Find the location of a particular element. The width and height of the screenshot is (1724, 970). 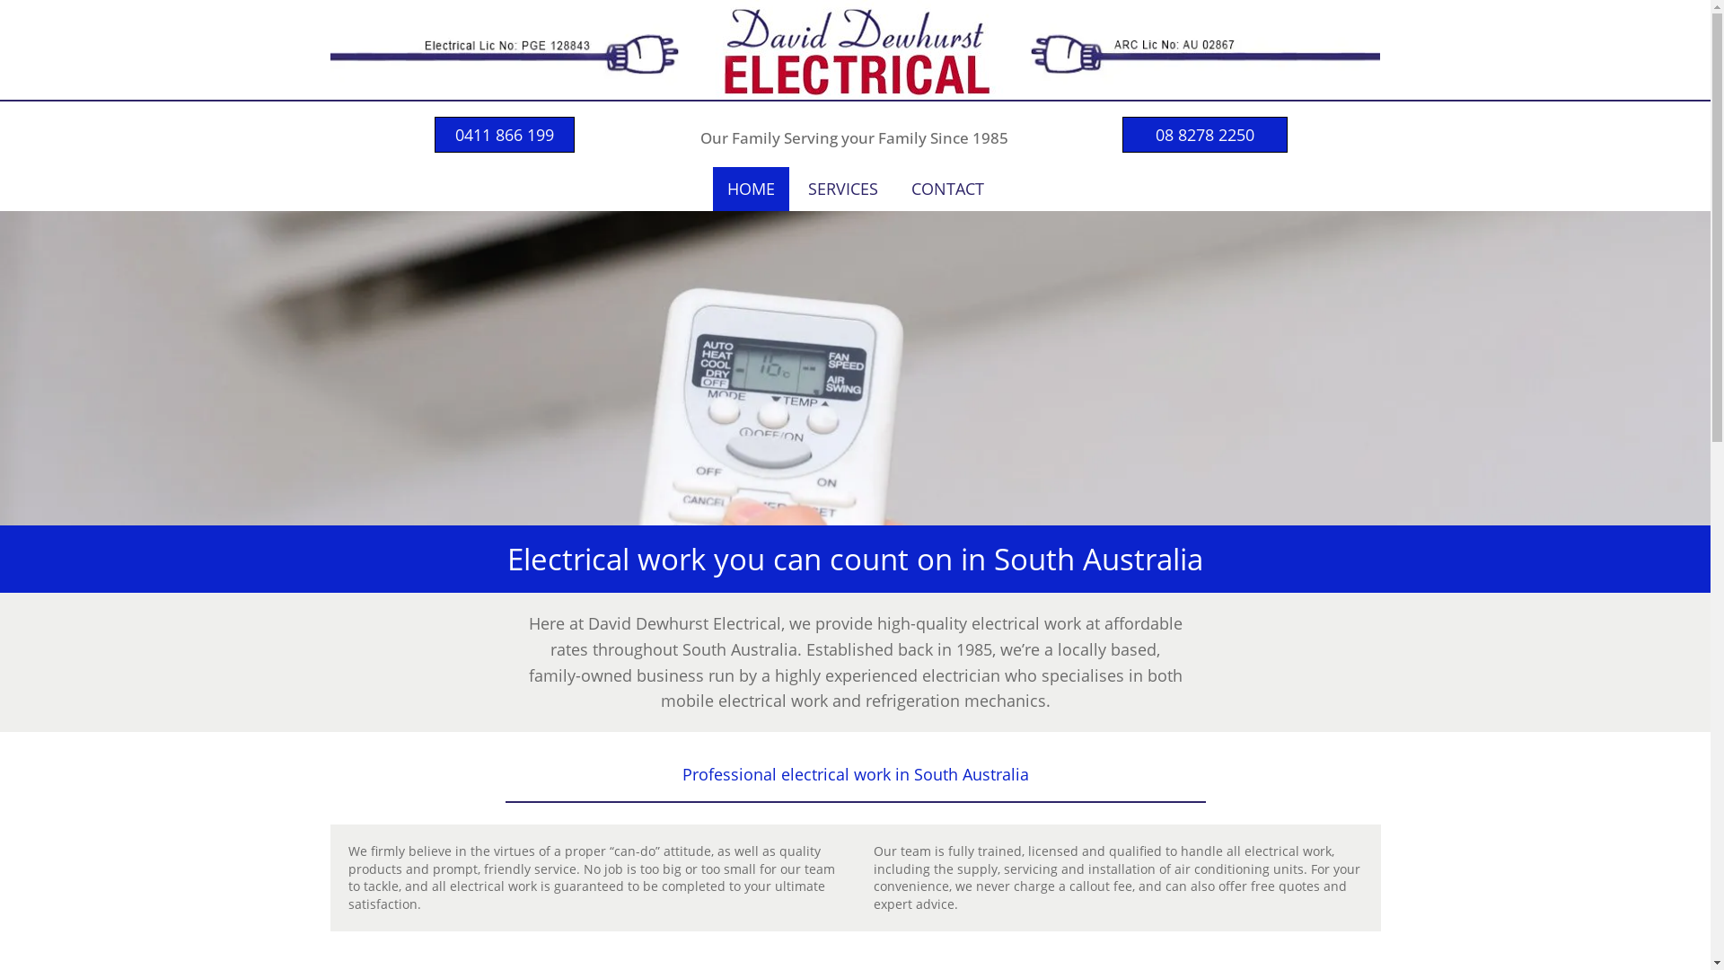

'CONTACT' is located at coordinates (896, 189).